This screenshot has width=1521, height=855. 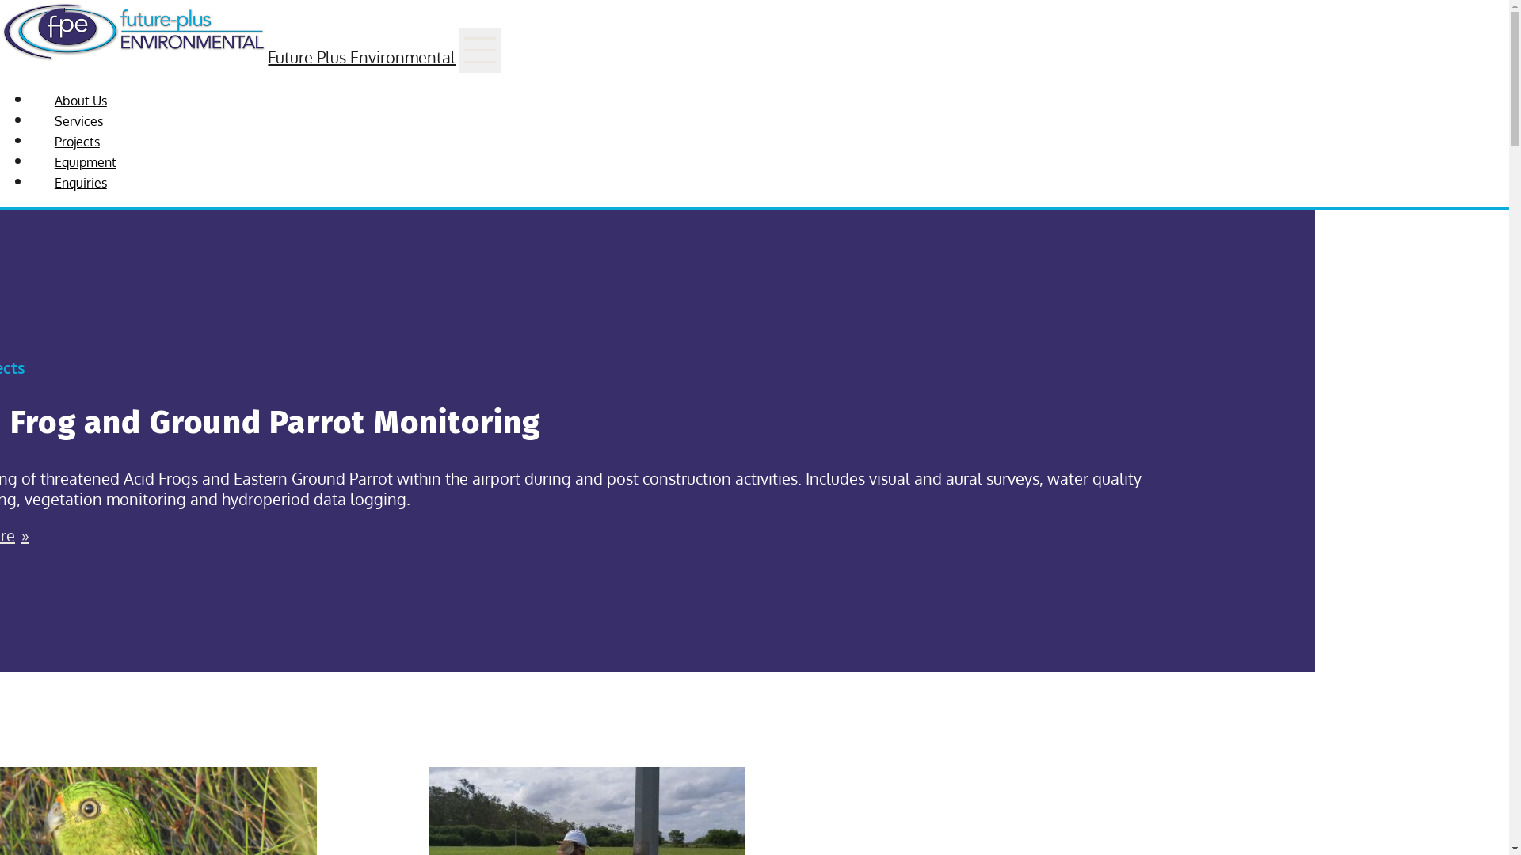 I want to click on 'About Us', so click(x=31, y=101).